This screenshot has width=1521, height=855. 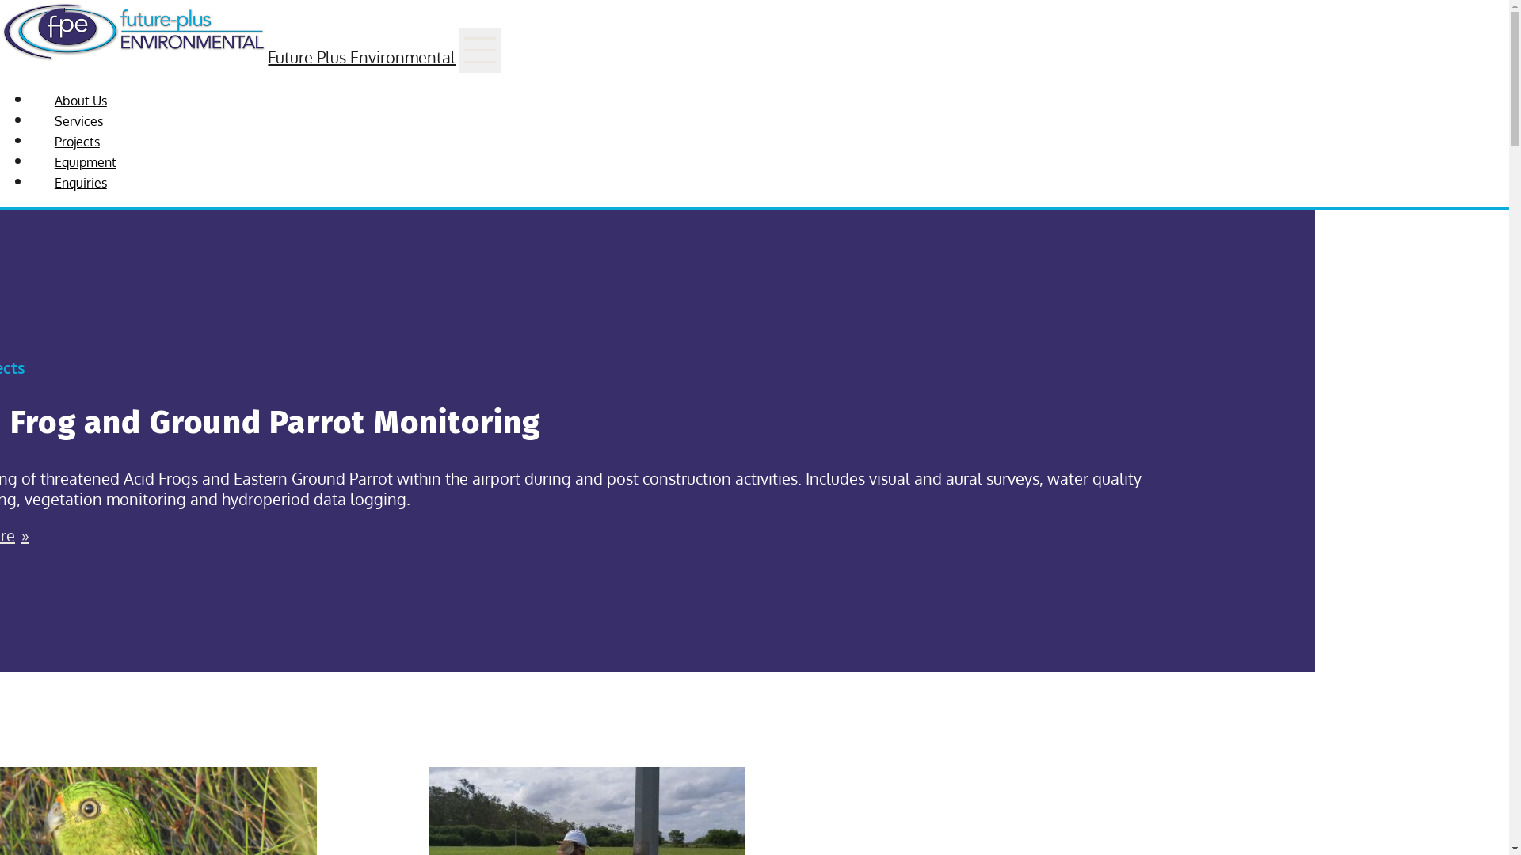 I want to click on 'About Us', so click(x=31, y=101).